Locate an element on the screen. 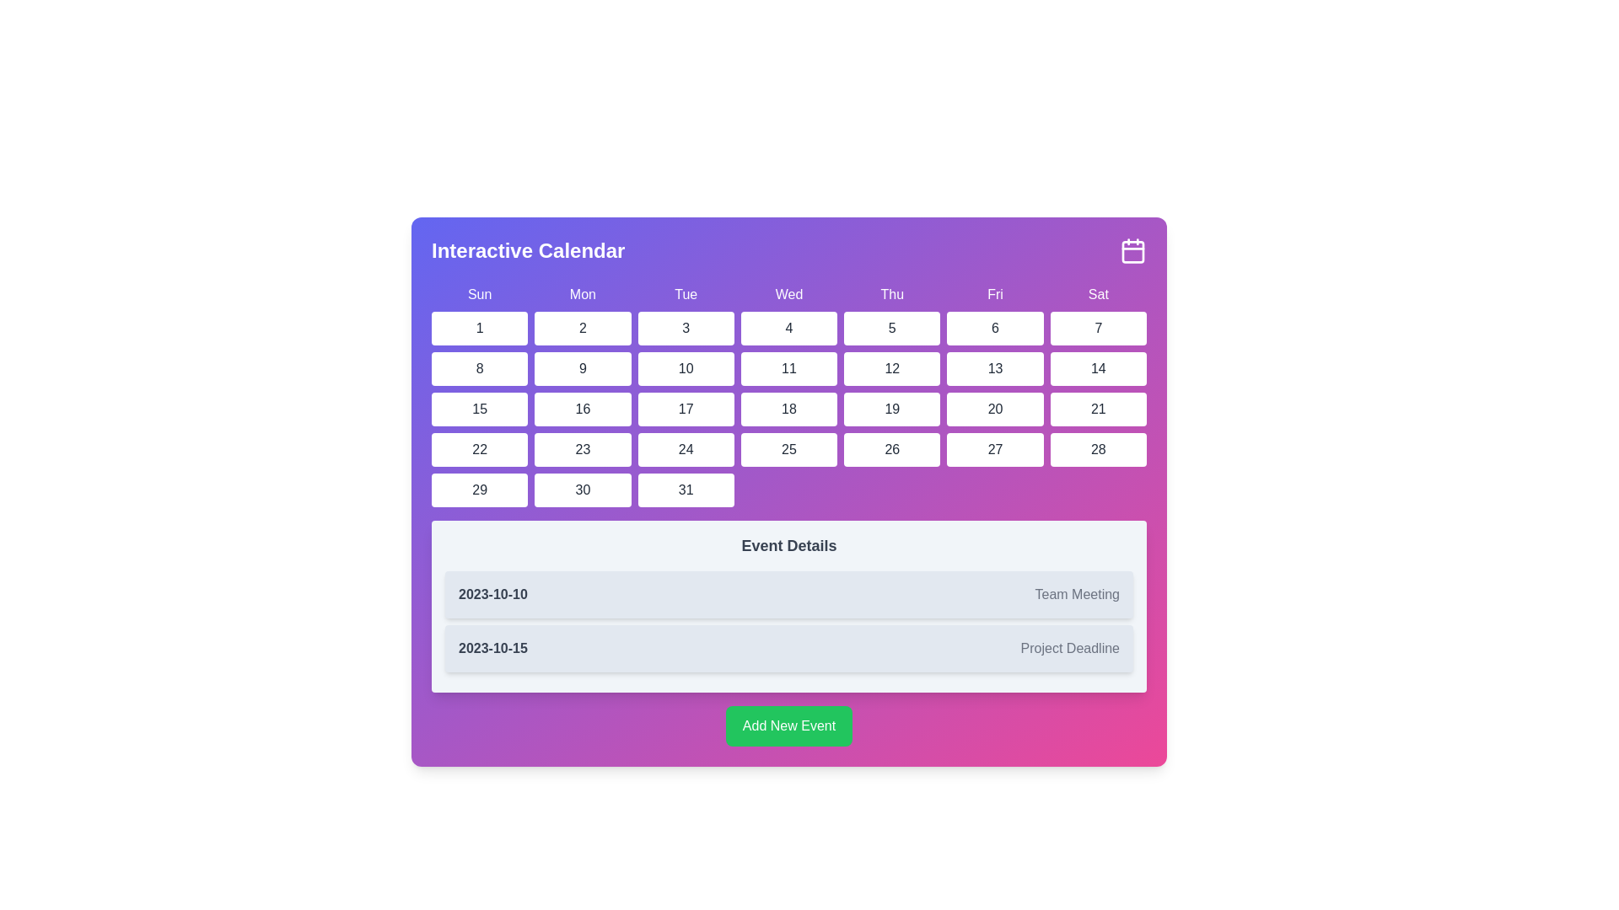  the interactive calendar date cell representing the 28th day of the month is located at coordinates (1098, 448).